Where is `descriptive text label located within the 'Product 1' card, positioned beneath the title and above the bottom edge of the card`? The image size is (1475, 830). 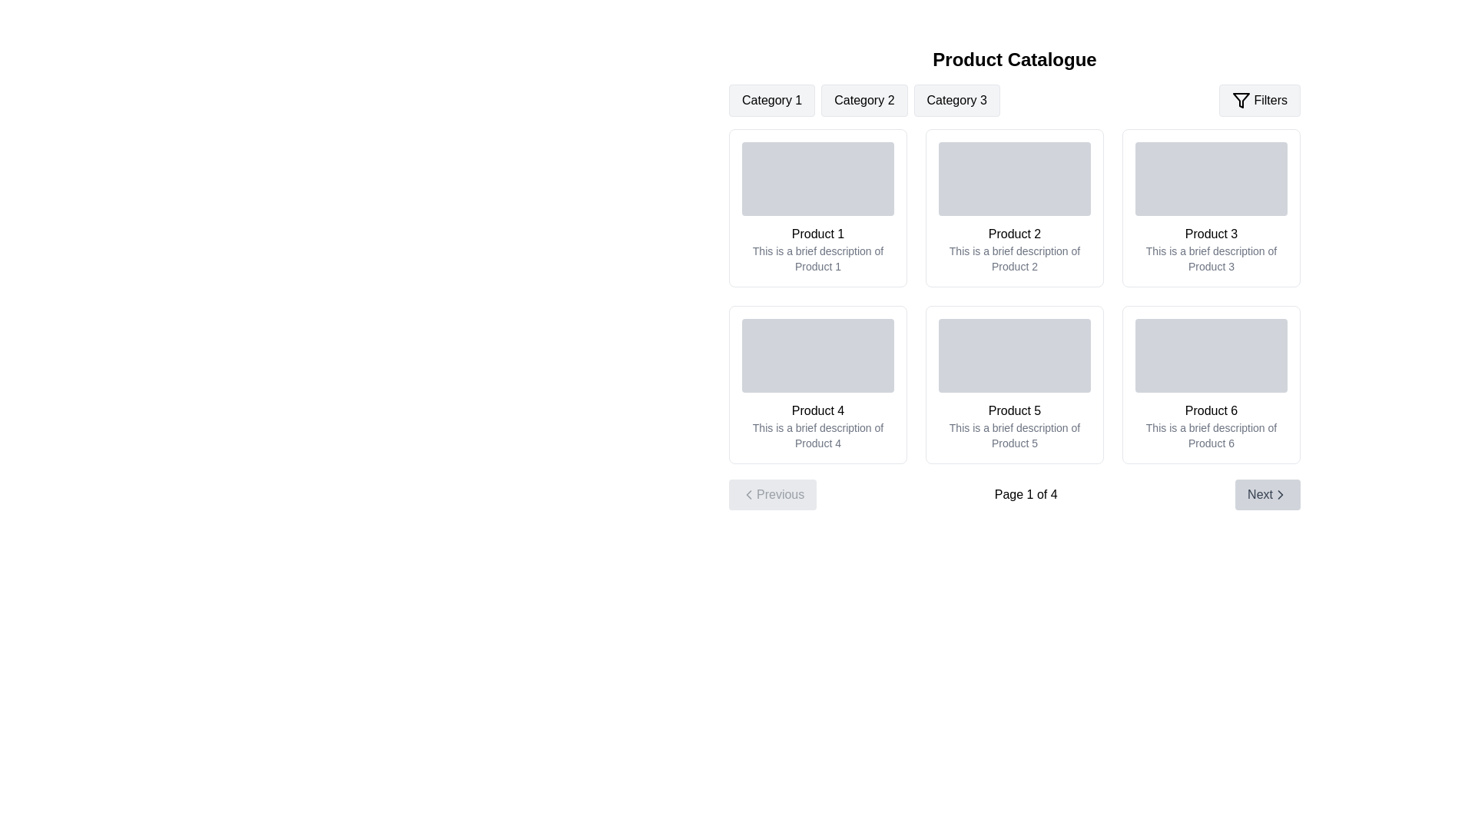
descriptive text label located within the 'Product 1' card, positioned beneath the title and above the bottom edge of the card is located at coordinates (817, 257).